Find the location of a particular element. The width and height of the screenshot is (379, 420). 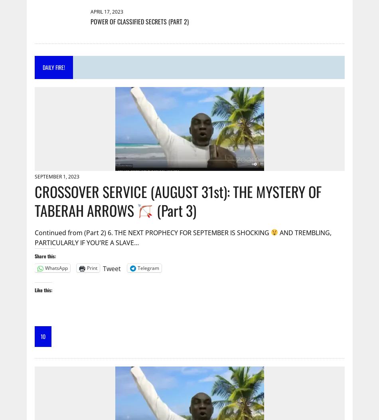

'Tweet' is located at coordinates (111, 268).